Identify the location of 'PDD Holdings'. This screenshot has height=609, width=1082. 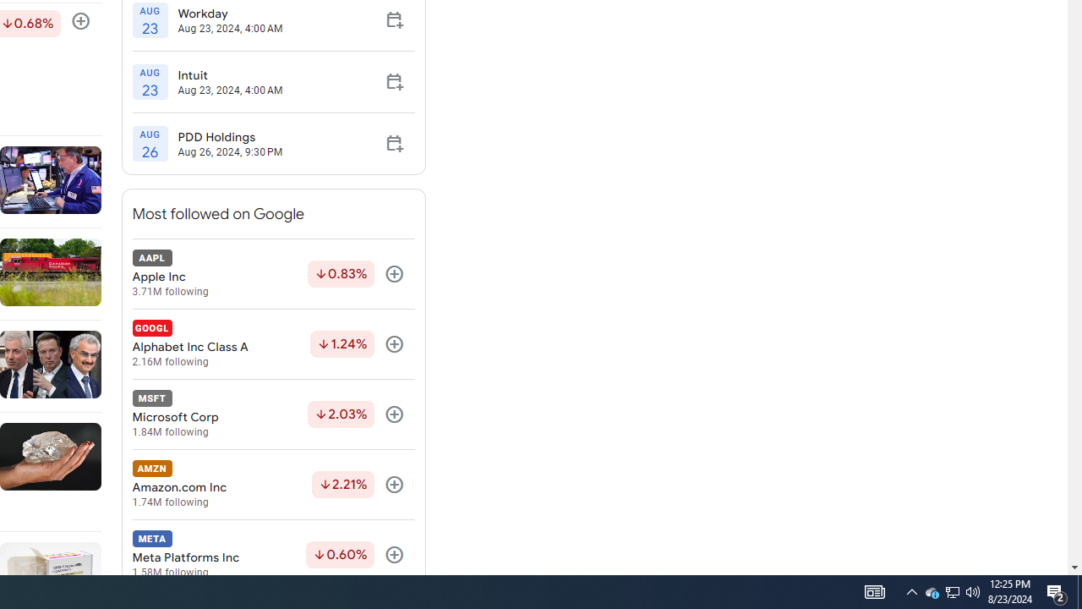
(229, 136).